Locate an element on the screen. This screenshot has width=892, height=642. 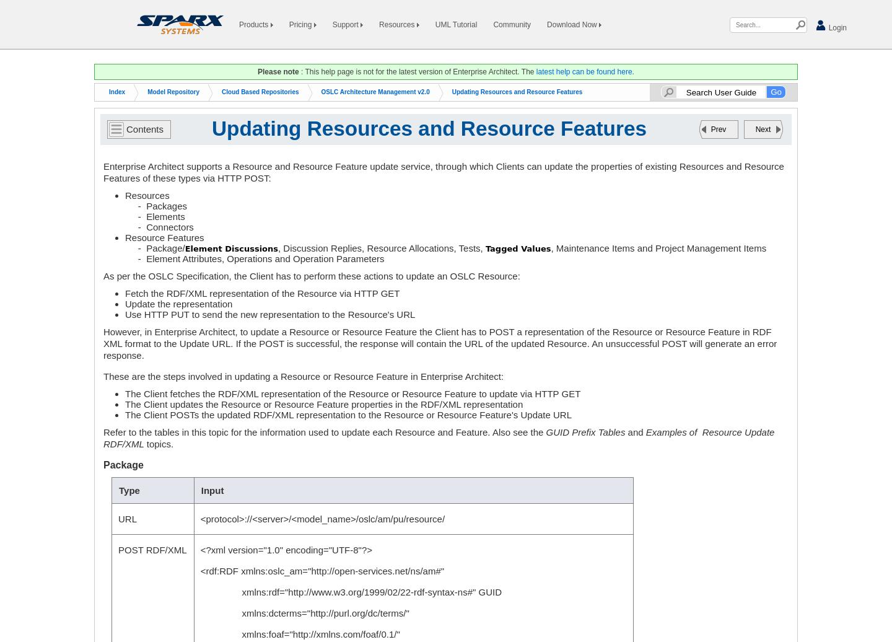
'topics.' is located at coordinates (146, 444).